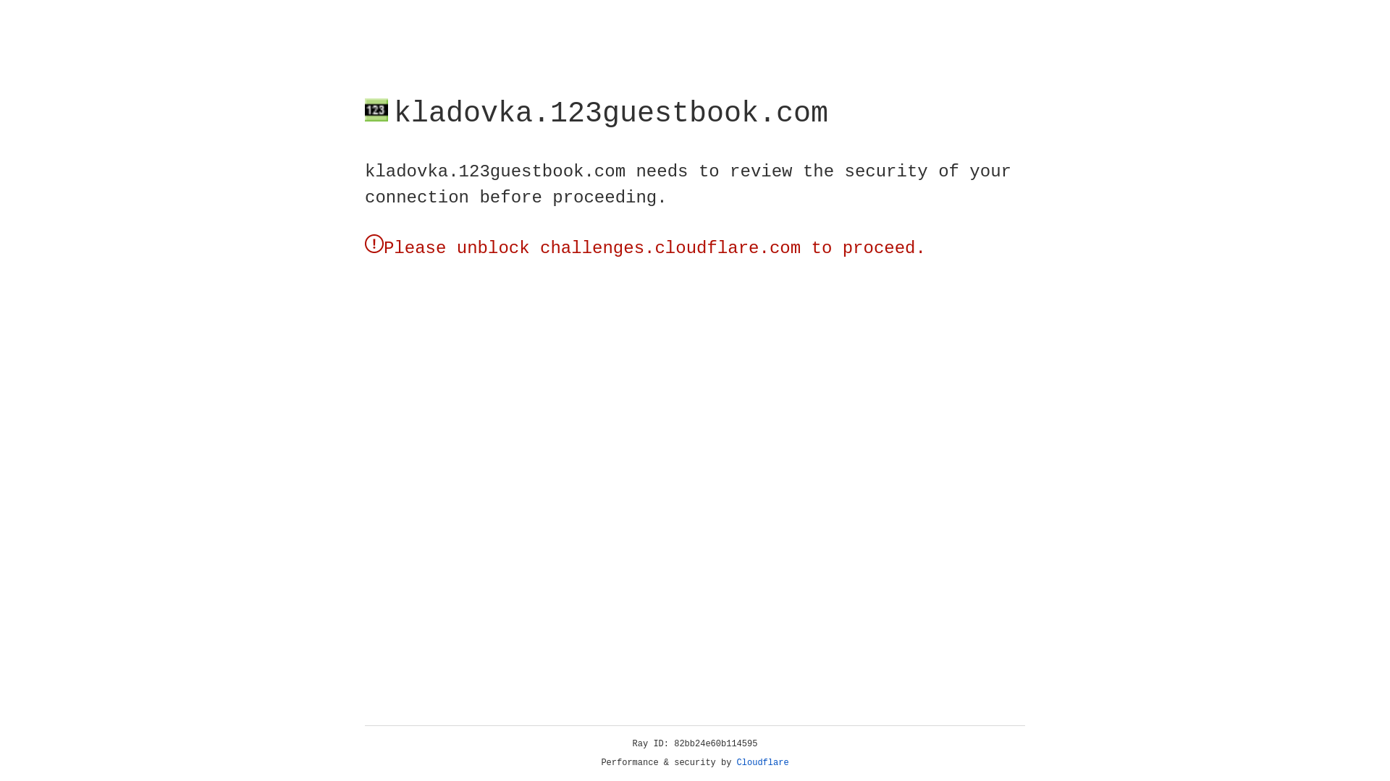 Image resolution: width=1390 pixels, height=781 pixels. What do you see at coordinates (762, 762) in the screenshot?
I see `'Cloudflare'` at bounding box center [762, 762].